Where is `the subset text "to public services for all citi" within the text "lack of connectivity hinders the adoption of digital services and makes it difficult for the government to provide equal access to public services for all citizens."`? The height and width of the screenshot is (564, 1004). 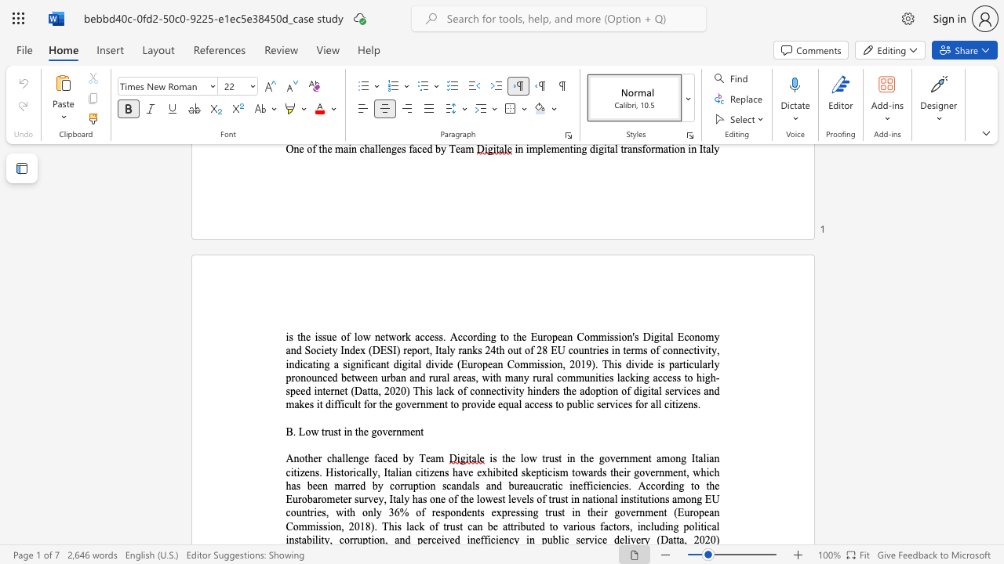
the subset text "to public services for all citi" within the text "lack of connectivity hinders the adoption of digital services and makes it difficult for the government to provide equal access to public services for all citizens." is located at coordinates (555, 403).